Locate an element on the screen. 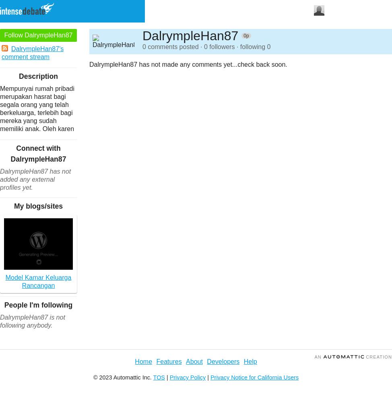  'Privacy Notice for California Users' is located at coordinates (254, 377).